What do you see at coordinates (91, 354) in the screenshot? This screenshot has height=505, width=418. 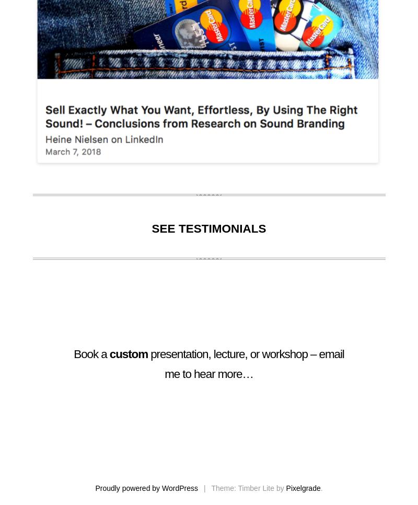 I see `'Book a'` at bounding box center [91, 354].